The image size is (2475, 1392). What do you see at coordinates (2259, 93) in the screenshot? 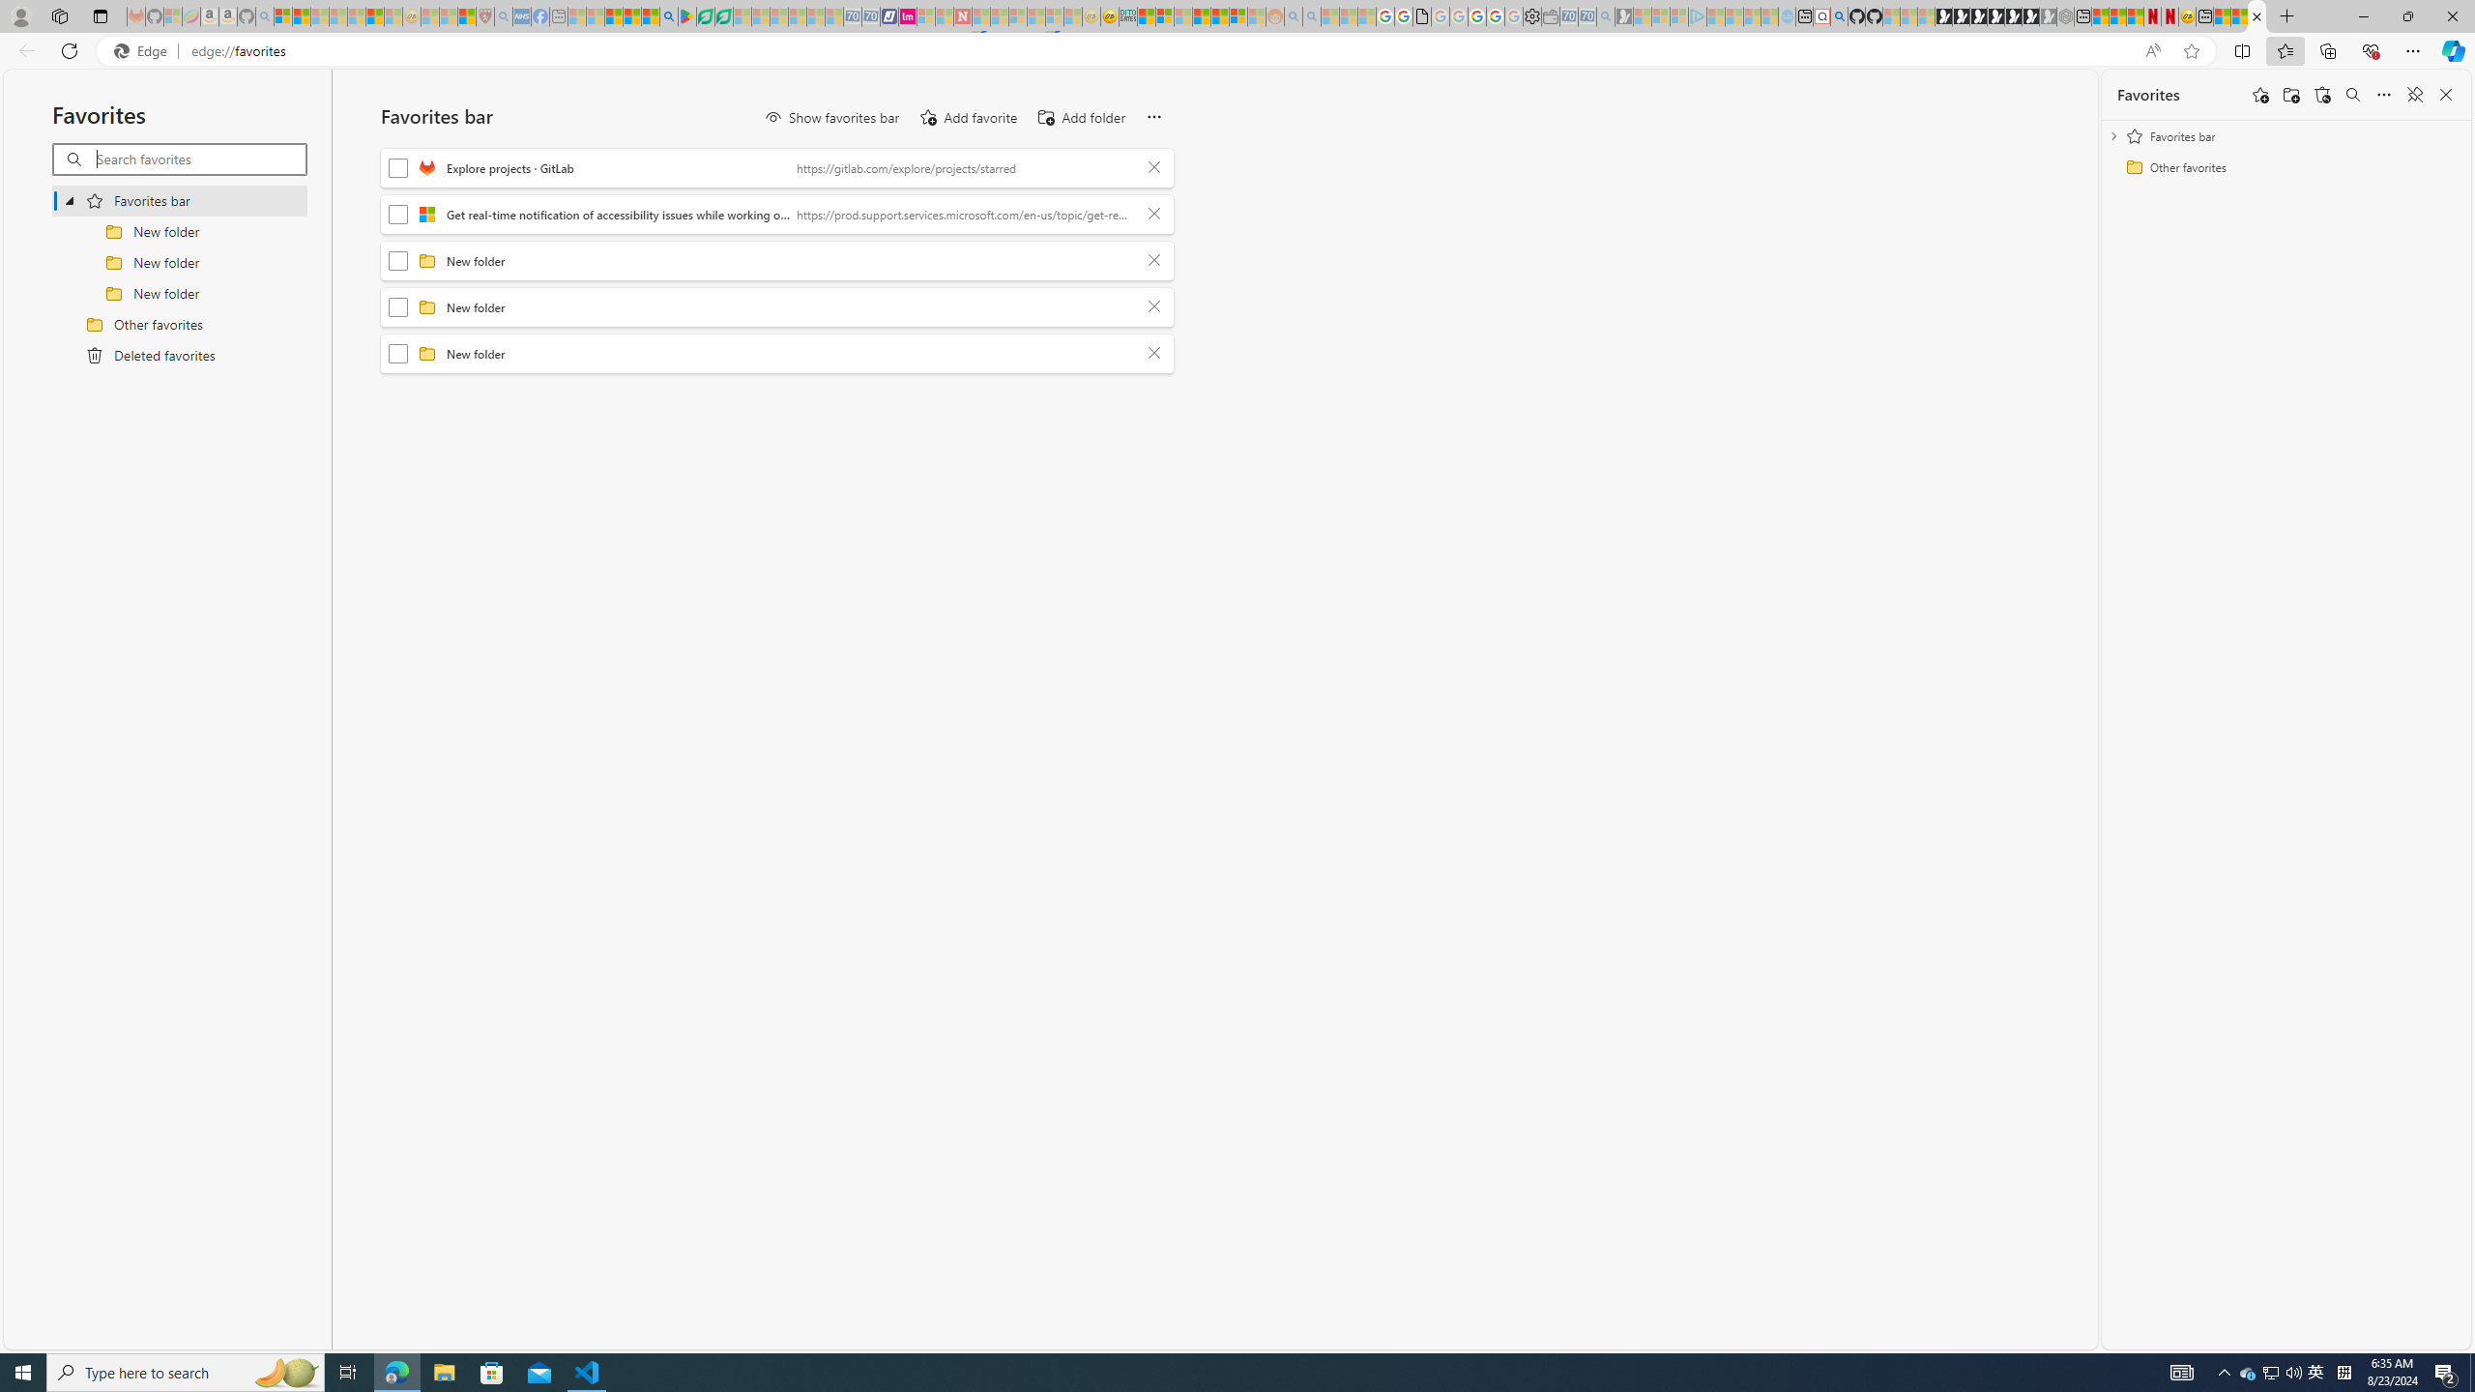
I see `'Add this page to favorites'` at bounding box center [2259, 93].